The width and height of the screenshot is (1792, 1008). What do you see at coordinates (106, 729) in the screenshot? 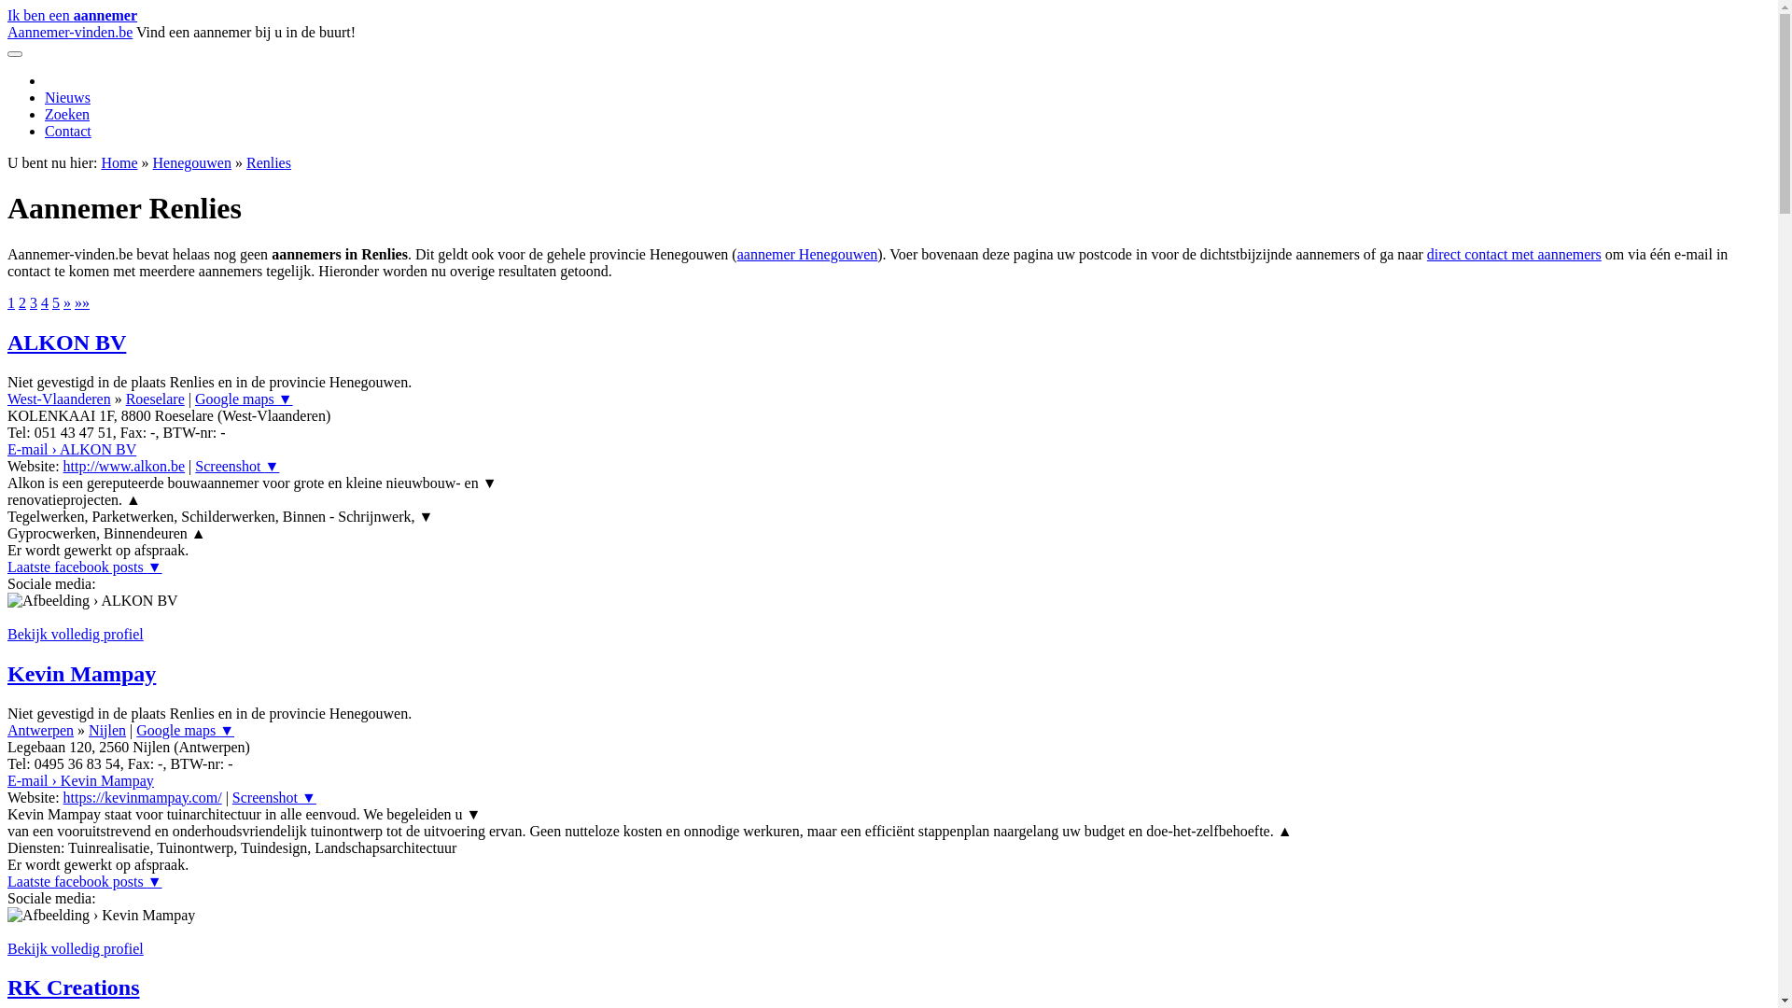
I see `'Nijlen'` at bounding box center [106, 729].